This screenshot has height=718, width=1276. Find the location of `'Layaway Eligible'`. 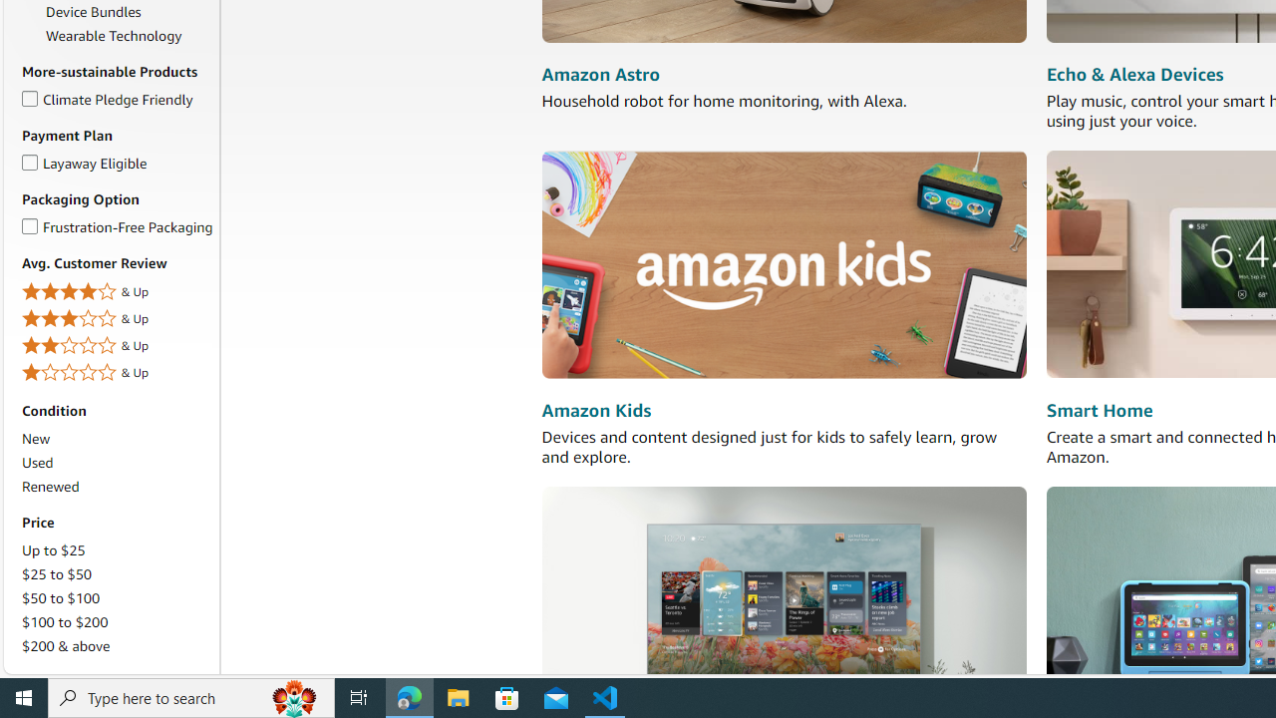

'Layaway Eligible' is located at coordinates (30, 158).